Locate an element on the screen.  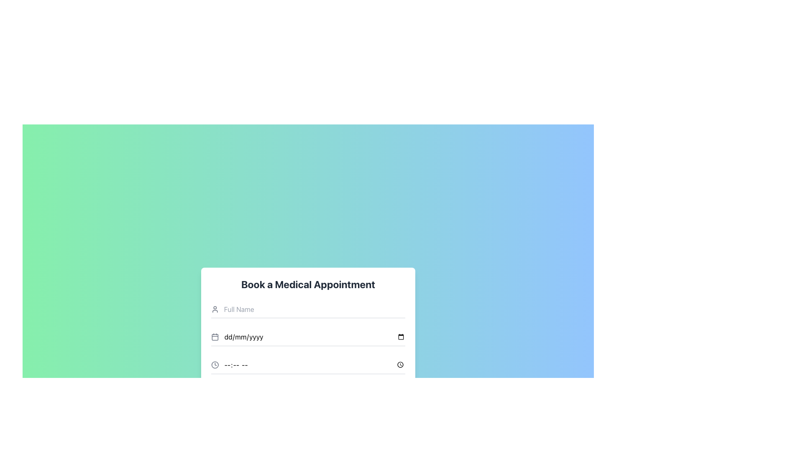
the Date input field to enable date input for appointment selection is located at coordinates (308, 336).